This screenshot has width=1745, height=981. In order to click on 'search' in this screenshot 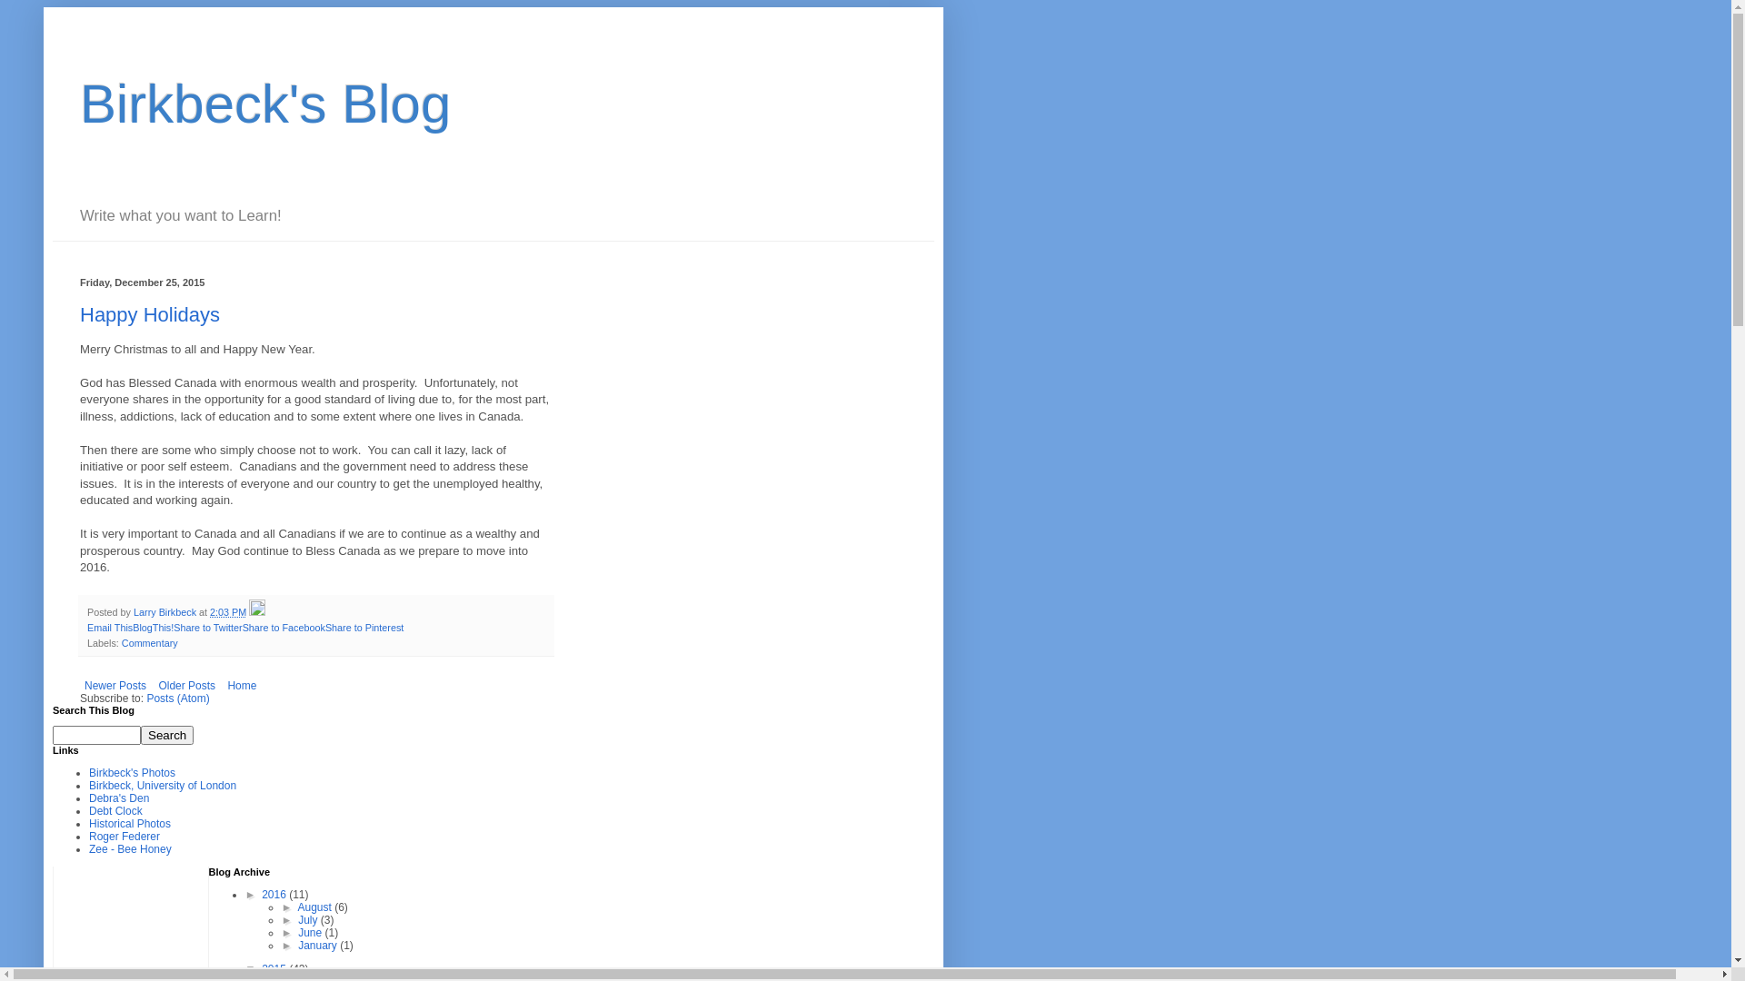, I will do `click(139, 734)`.